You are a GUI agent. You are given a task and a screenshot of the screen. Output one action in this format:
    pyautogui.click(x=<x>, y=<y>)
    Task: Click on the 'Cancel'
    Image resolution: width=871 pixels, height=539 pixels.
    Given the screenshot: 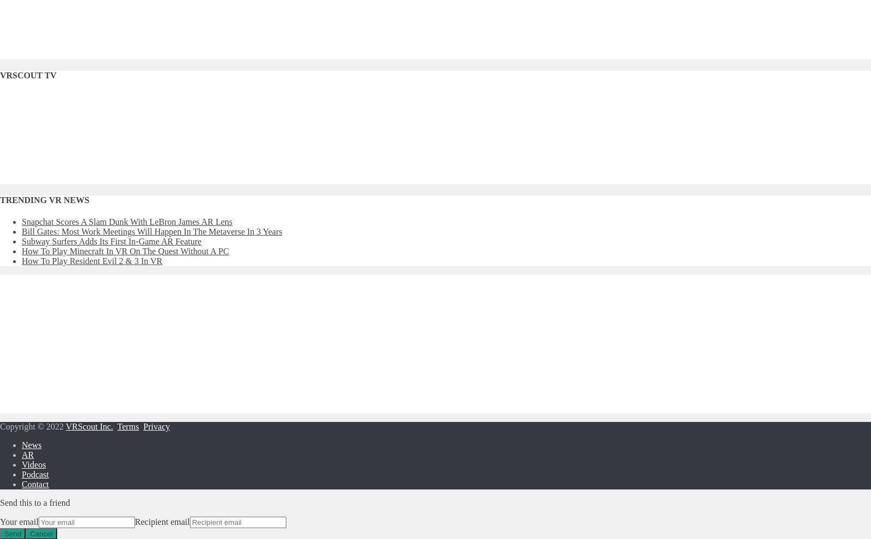 What is the action you would take?
    pyautogui.click(x=40, y=533)
    